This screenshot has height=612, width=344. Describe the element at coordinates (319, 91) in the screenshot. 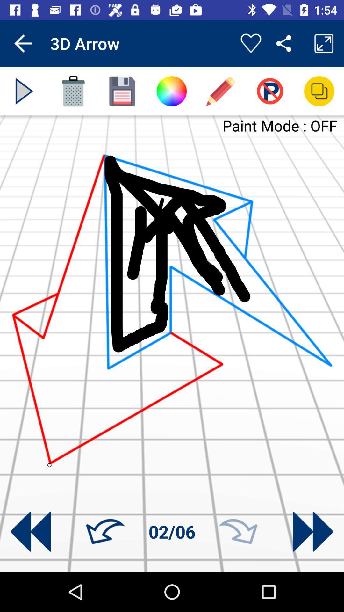

I see `the copy icon` at that location.